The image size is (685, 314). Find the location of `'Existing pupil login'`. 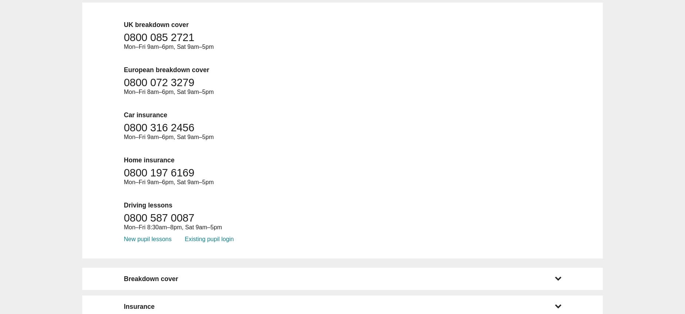

'Existing pupil login' is located at coordinates (209, 239).